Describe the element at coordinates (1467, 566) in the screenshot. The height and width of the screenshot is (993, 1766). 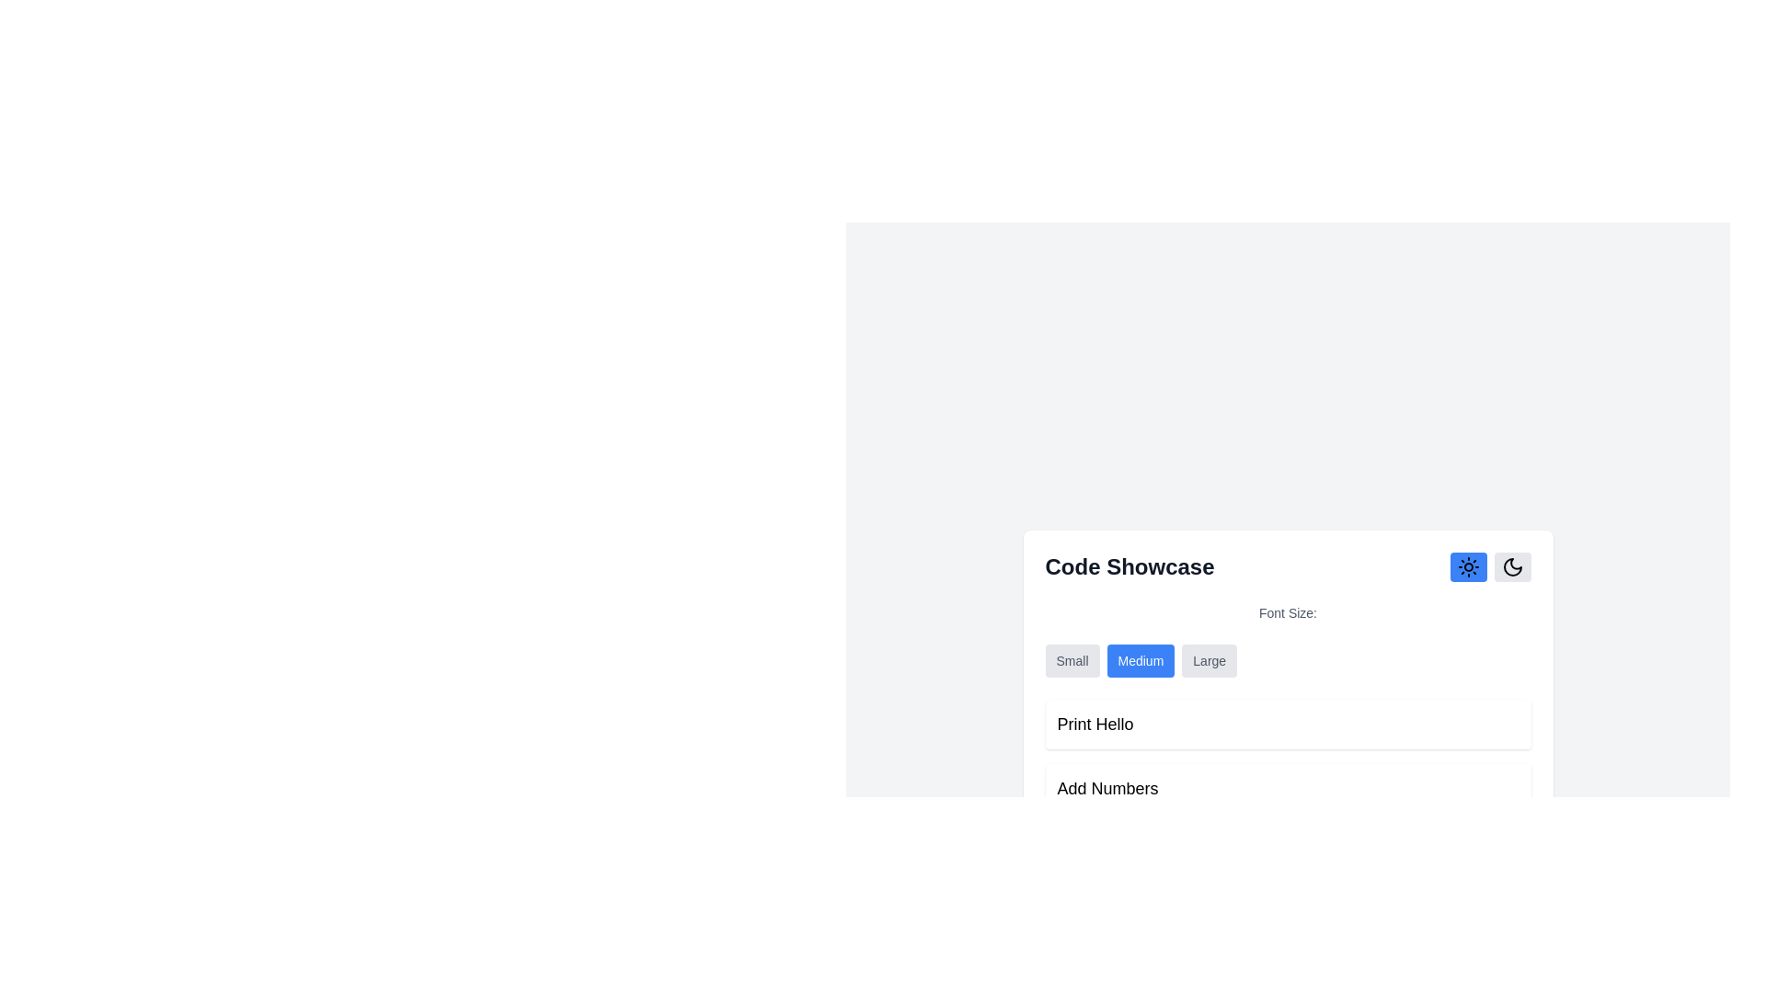
I see `the sun icon located on the right side of the 'Code Showcase' section` at that location.